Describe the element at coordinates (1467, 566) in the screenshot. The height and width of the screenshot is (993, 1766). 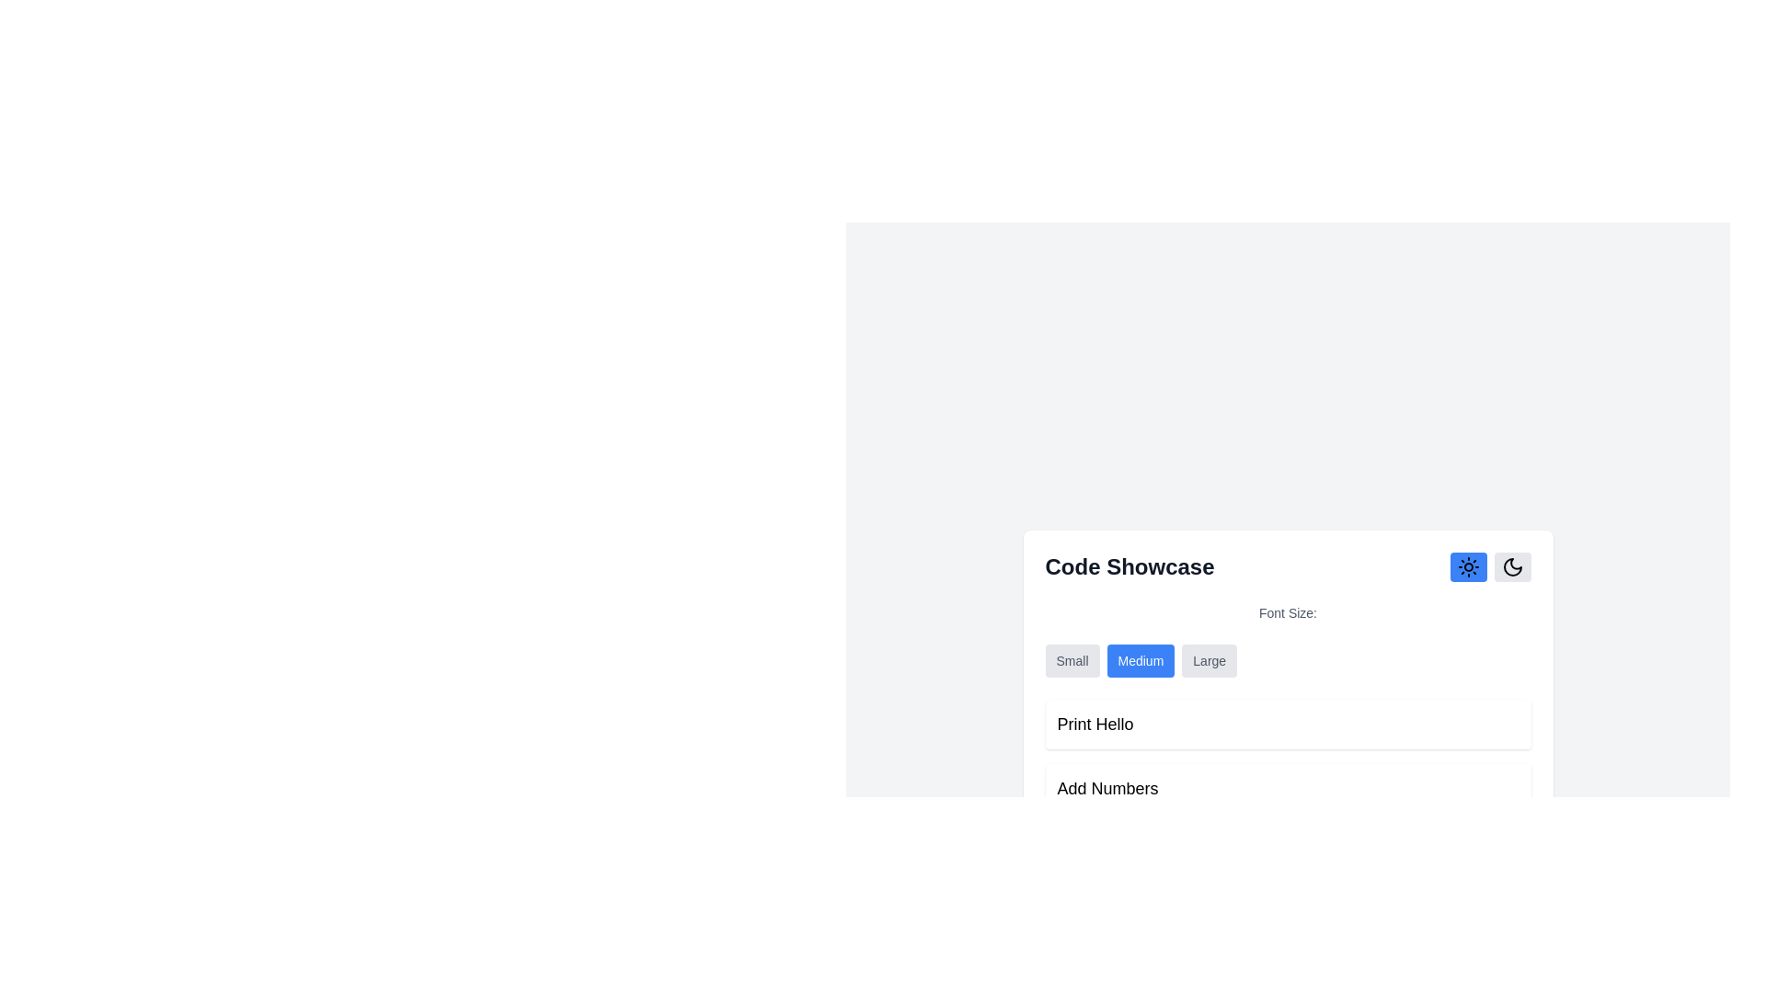
I see `the sun icon located on the right side of the 'Code Showcase' section` at that location.